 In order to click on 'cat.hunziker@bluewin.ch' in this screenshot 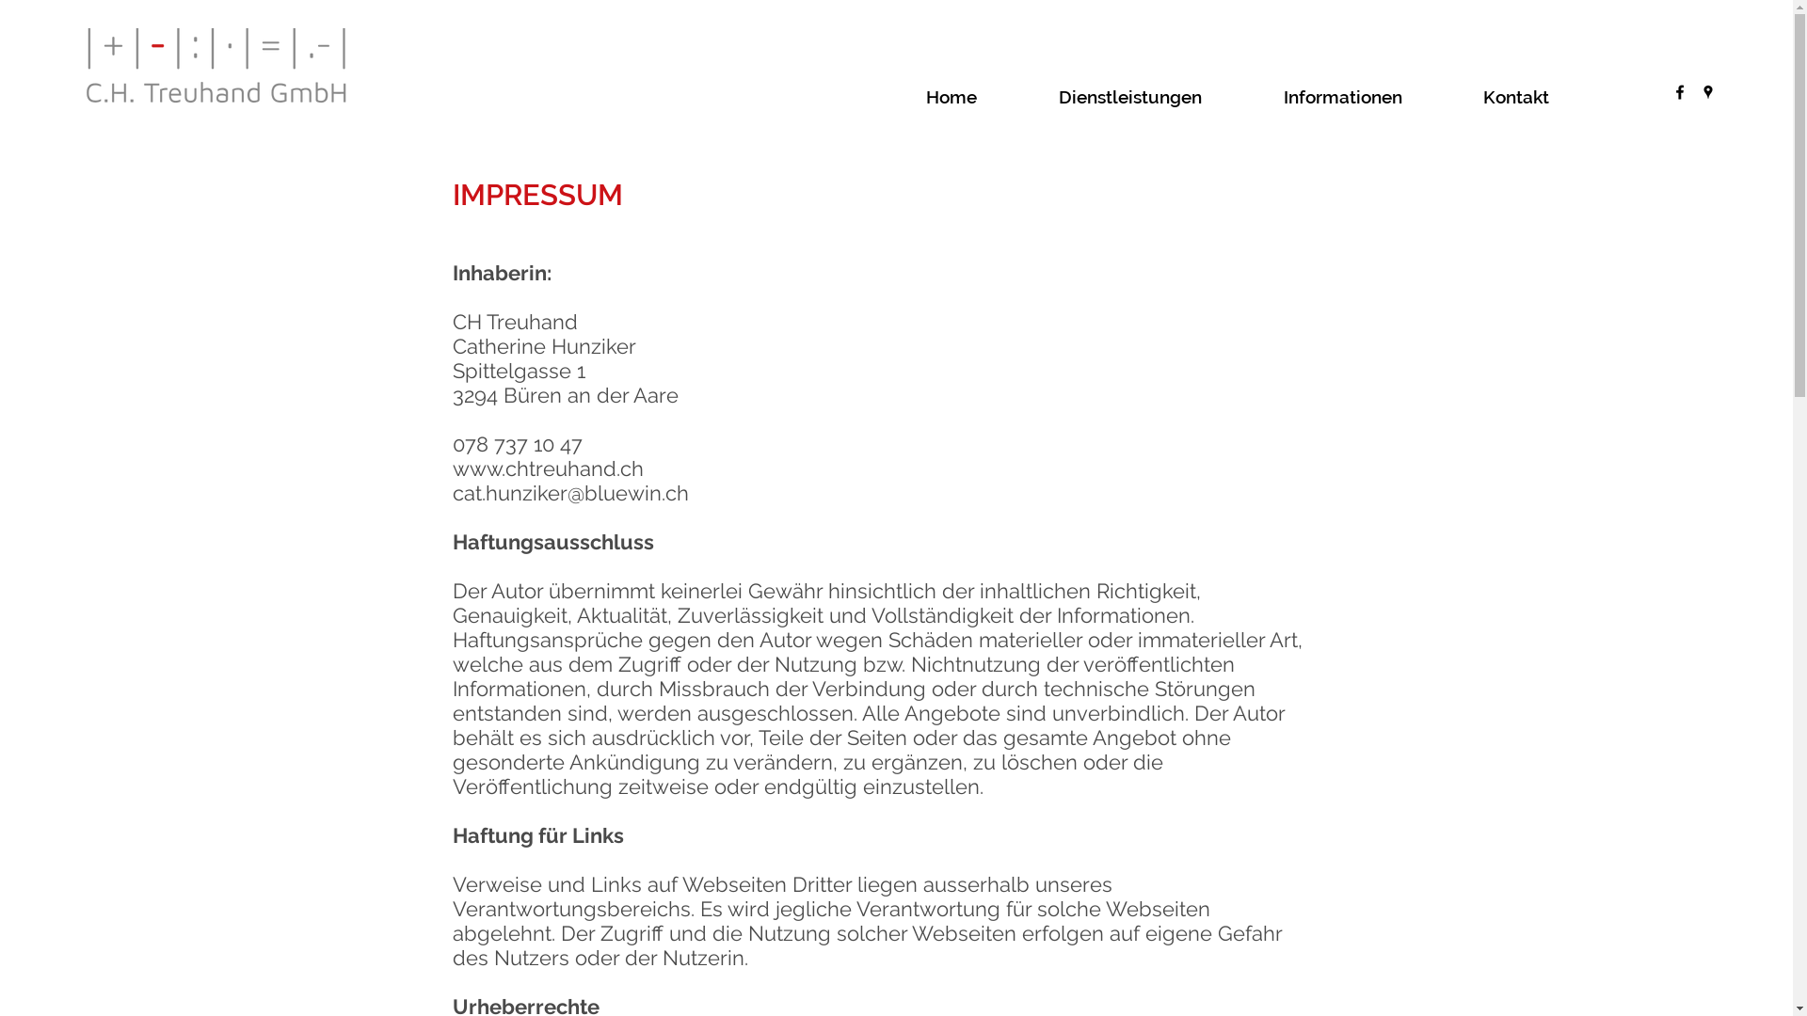, I will do `click(568, 492)`.